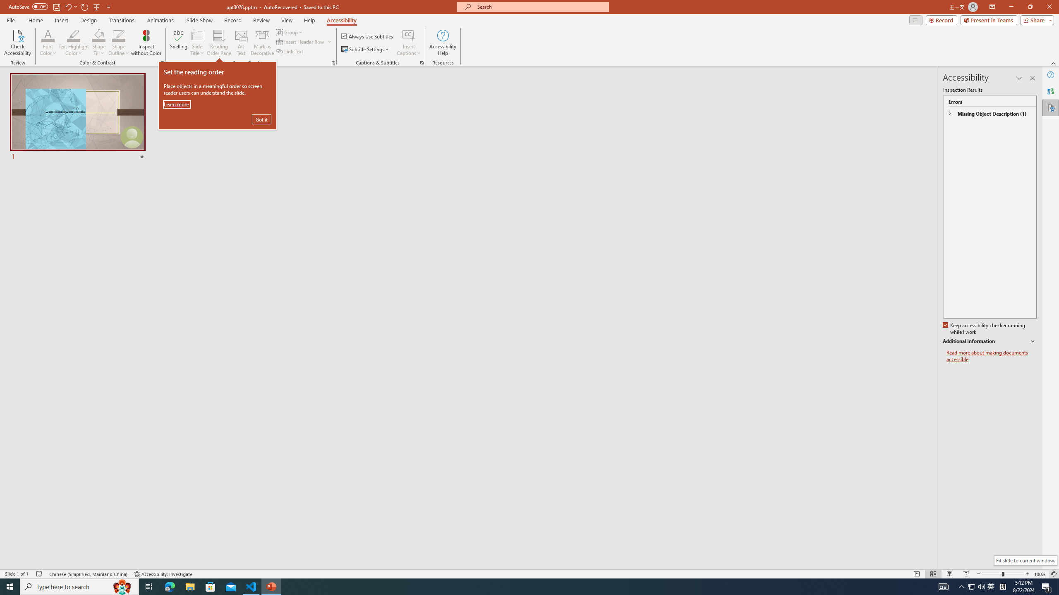 The height and width of the screenshot is (595, 1059). I want to click on 'Captions & Subtitles', so click(422, 62).